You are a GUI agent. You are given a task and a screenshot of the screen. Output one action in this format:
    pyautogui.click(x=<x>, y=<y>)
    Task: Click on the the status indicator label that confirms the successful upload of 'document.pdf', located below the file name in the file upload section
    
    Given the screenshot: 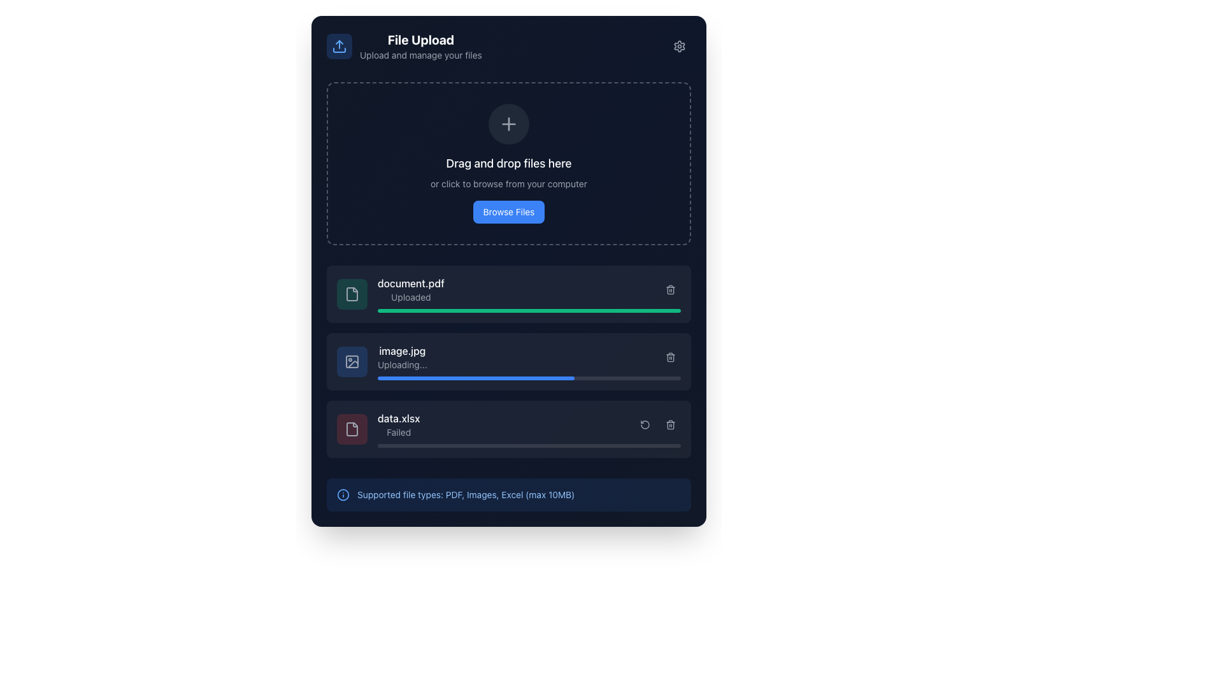 What is the action you would take?
    pyautogui.click(x=411, y=297)
    